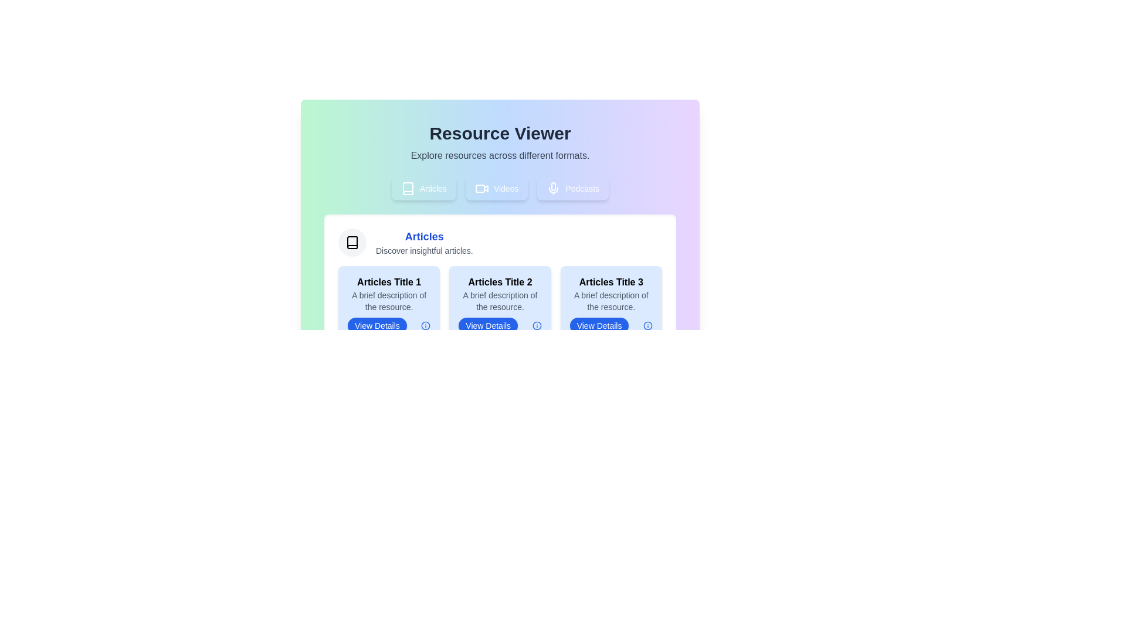  I want to click on the microphone icon in the top section of the interface, so click(553, 186).